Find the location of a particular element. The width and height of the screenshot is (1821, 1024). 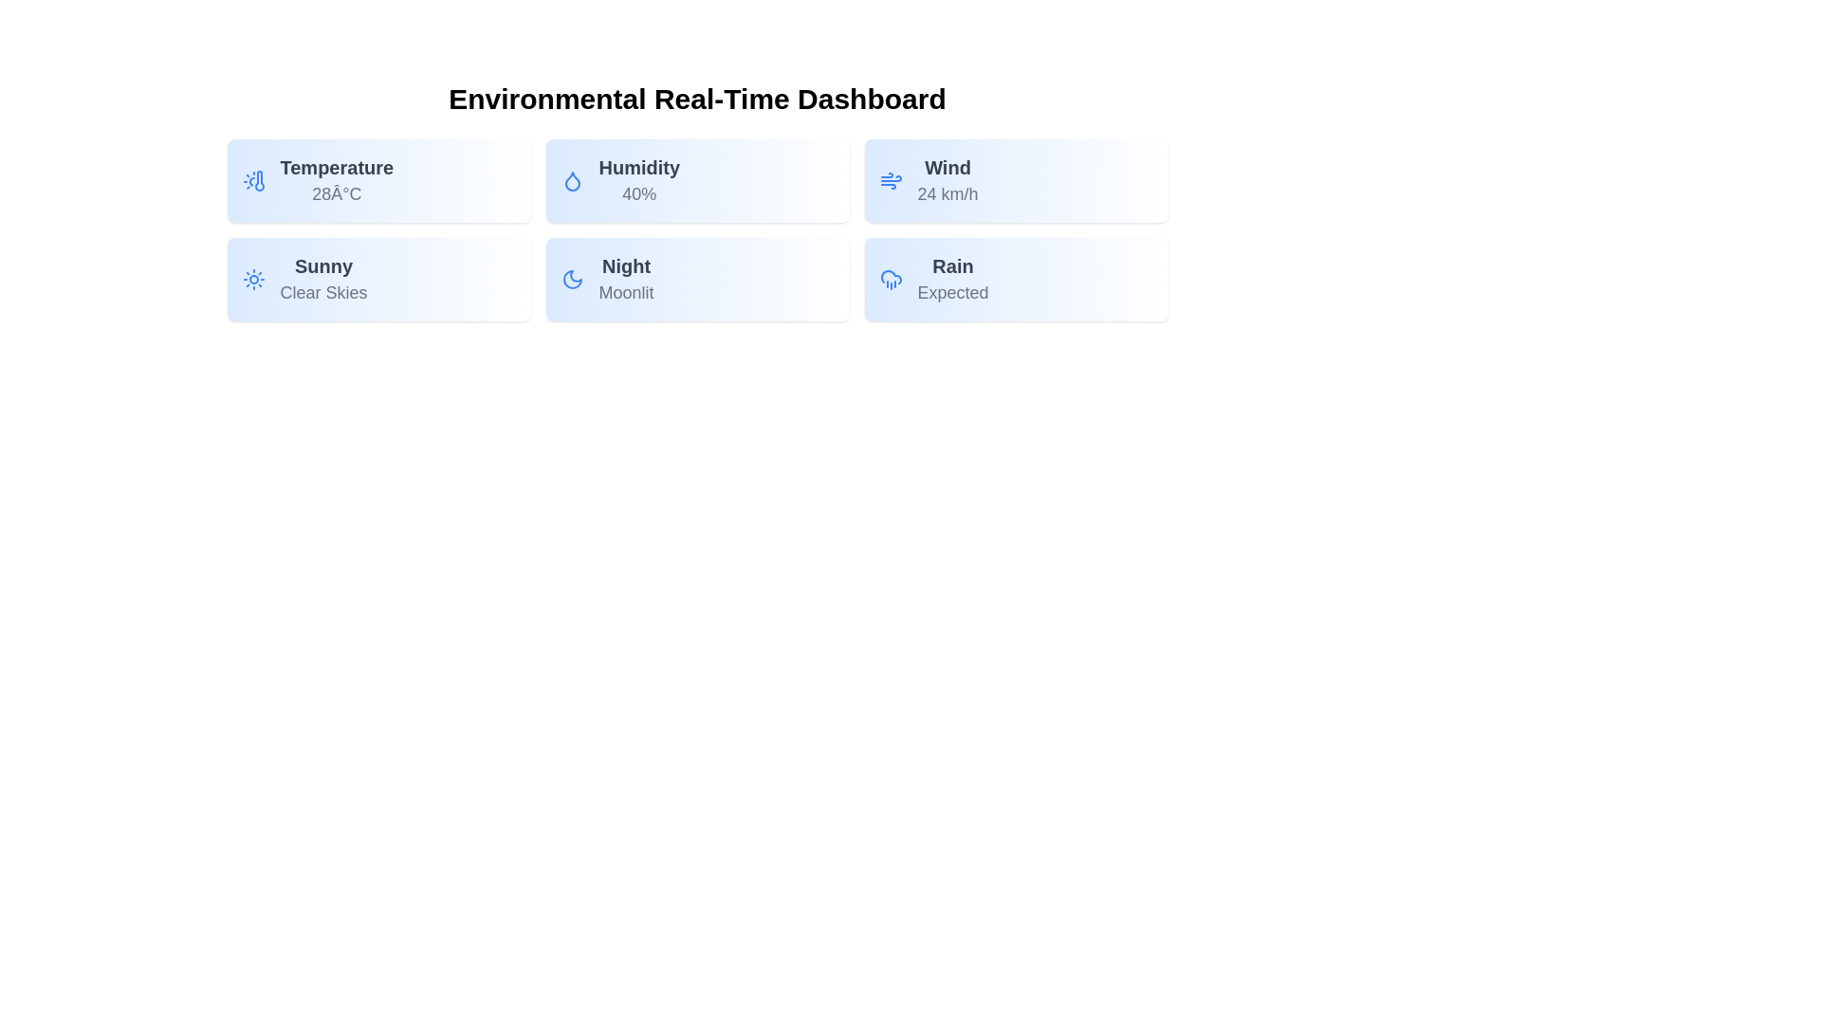

the blue droplet-shaped icon located within the 'Humidity 40%' card, positioned to the left of the text content is located at coordinates (571, 181).